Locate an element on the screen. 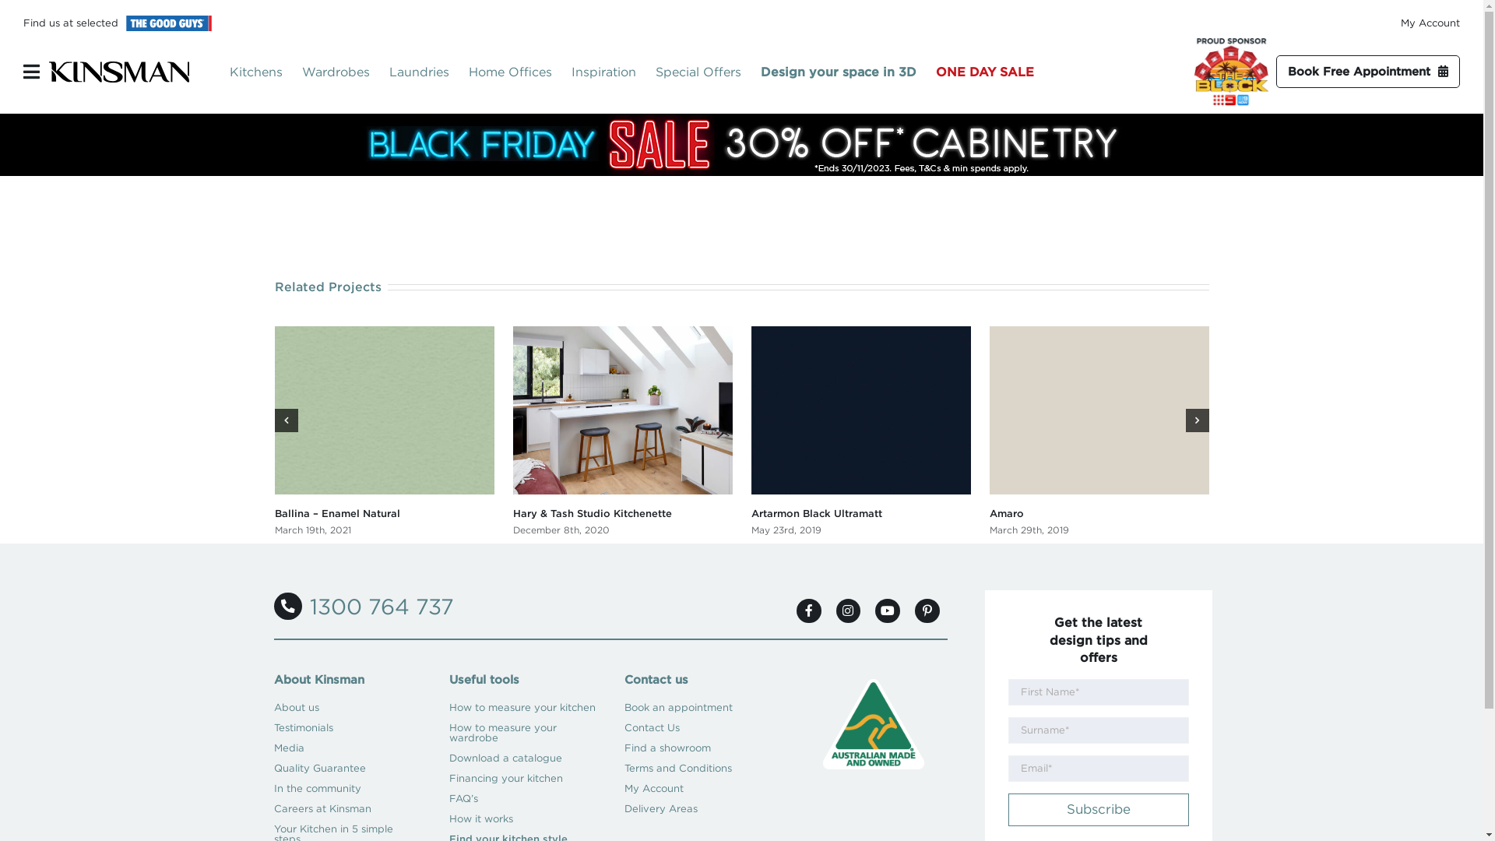 This screenshot has width=1495, height=841. 'Testimonials' is located at coordinates (346, 727).